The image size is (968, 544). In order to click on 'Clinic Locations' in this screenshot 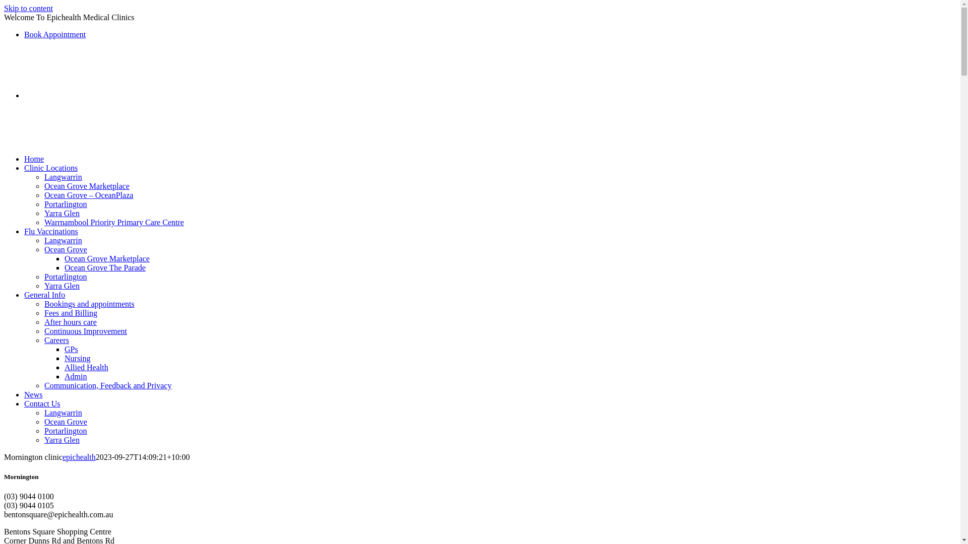, I will do `click(50, 167)`.